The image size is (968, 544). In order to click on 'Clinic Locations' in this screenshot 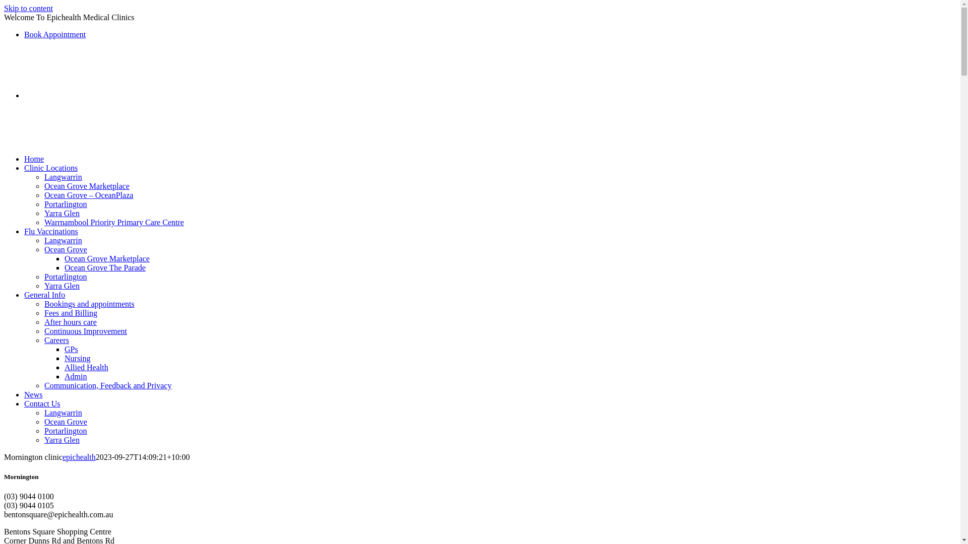, I will do `click(50, 167)`.